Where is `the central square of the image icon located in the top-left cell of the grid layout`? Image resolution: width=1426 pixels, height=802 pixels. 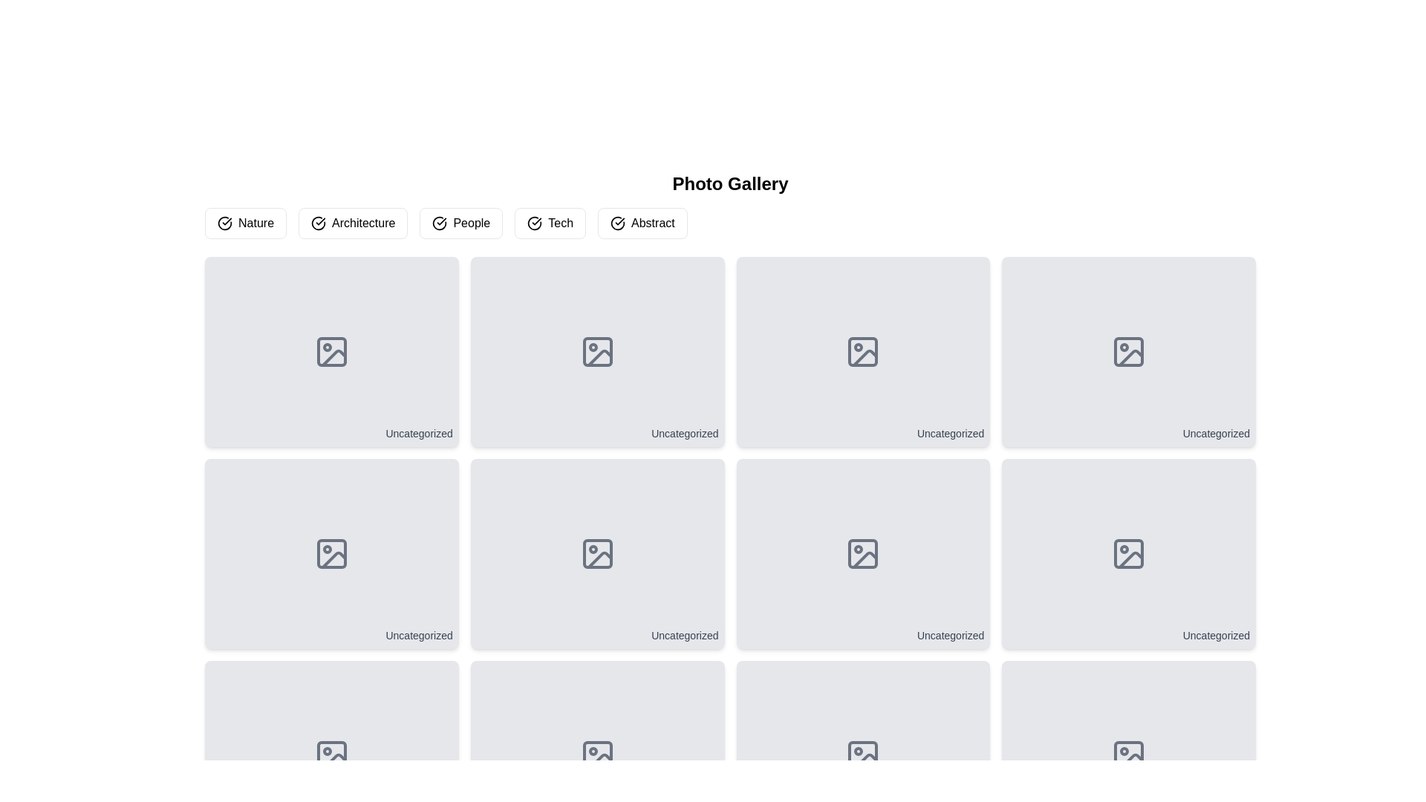
the central square of the image icon located in the top-left cell of the grid layout is located at coordinates (331, 352).